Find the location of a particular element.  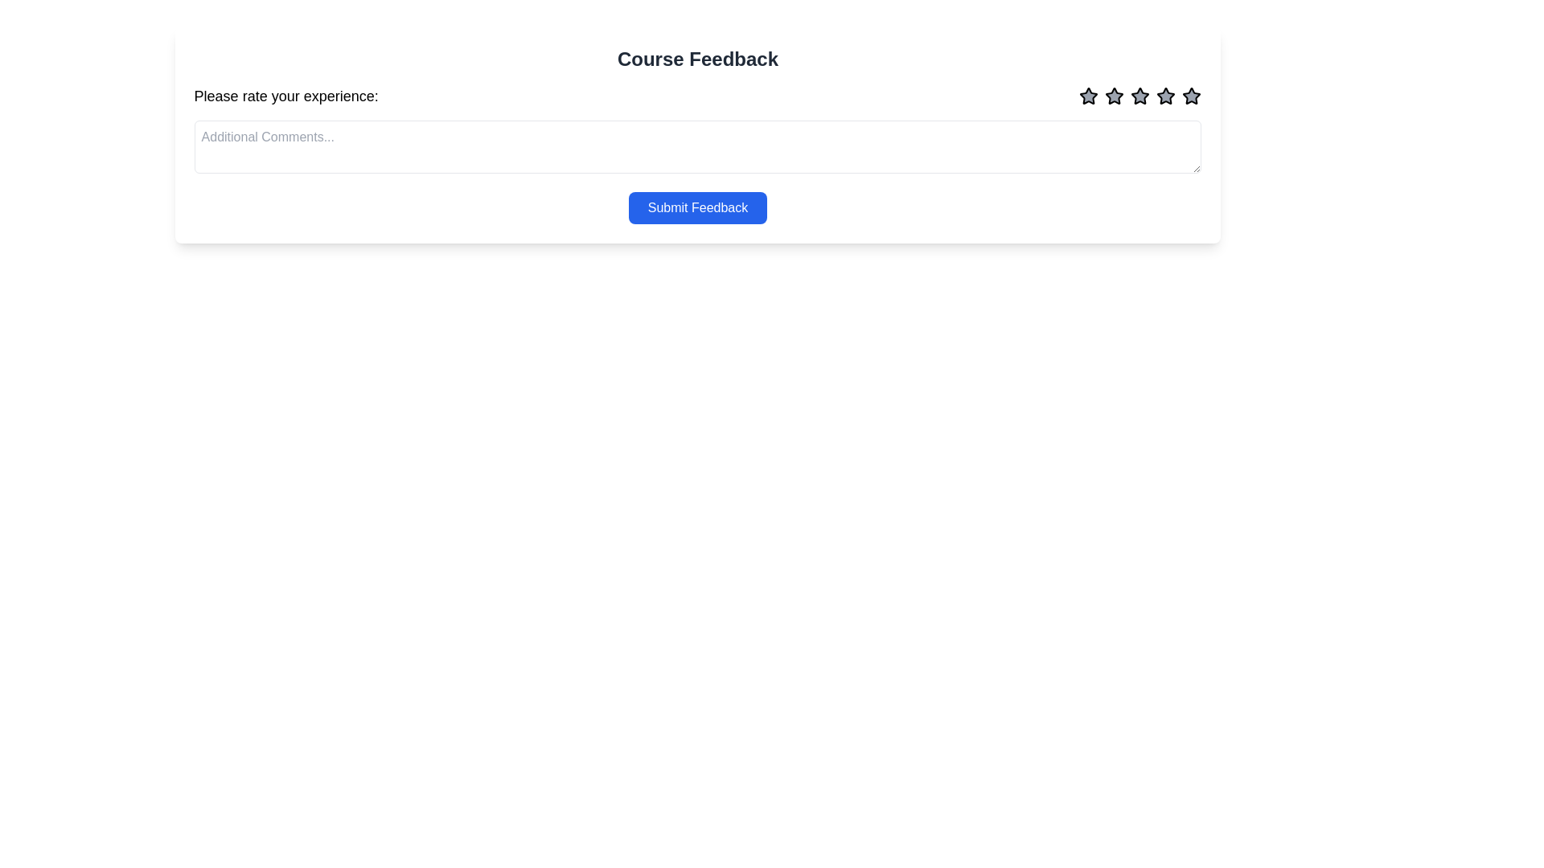

the third star icon from the left in the star rating section is located at coordinates (1114, 96).